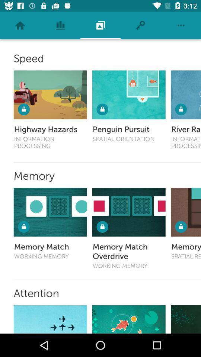  What do you see at coordinates (128, 94) in the screenshot?
I see `penguin pursuit` at bounding box center [128, 94].